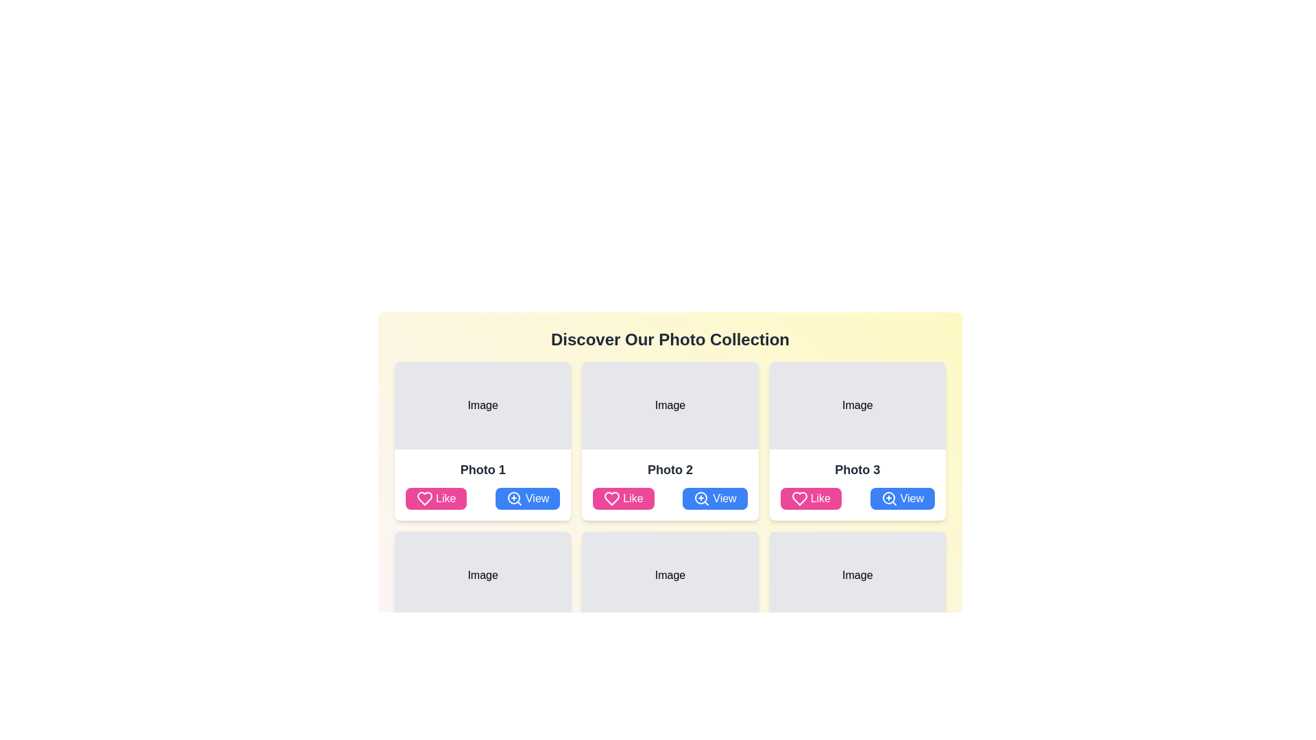 Image resolution: width=1316 pixels, height=740 pixels. What do you see at coordinates (670, 454) in the screenshot?
I see `the 'View' button on the second item in the grid layout of the photo collection` at bounding box center [670, 454].